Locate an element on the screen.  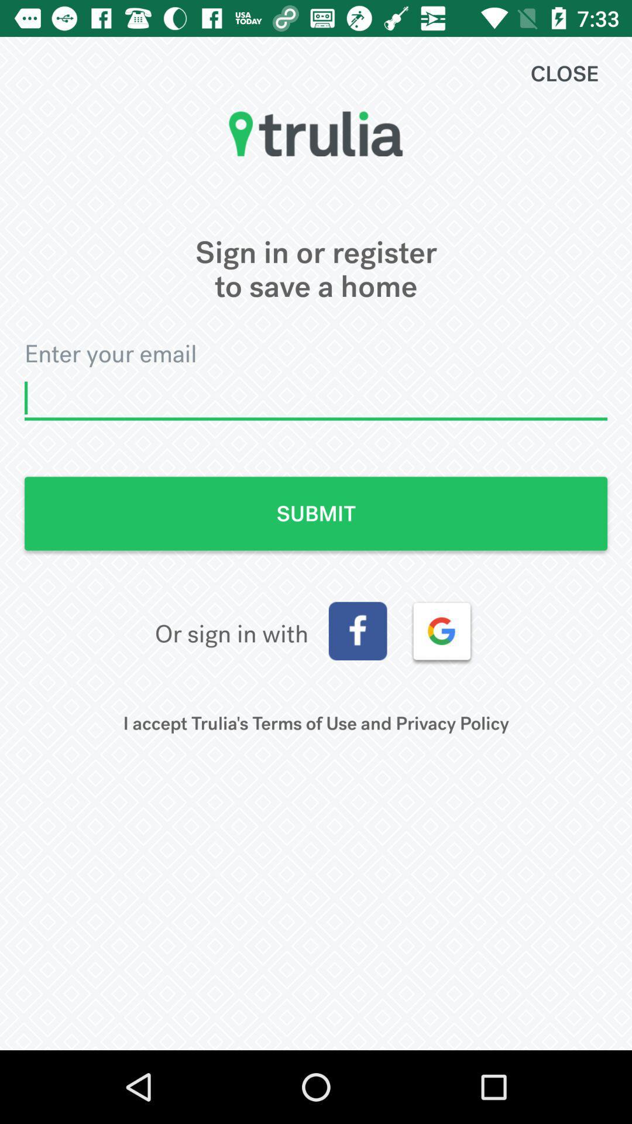
email address is located at coordinates (316, 399).